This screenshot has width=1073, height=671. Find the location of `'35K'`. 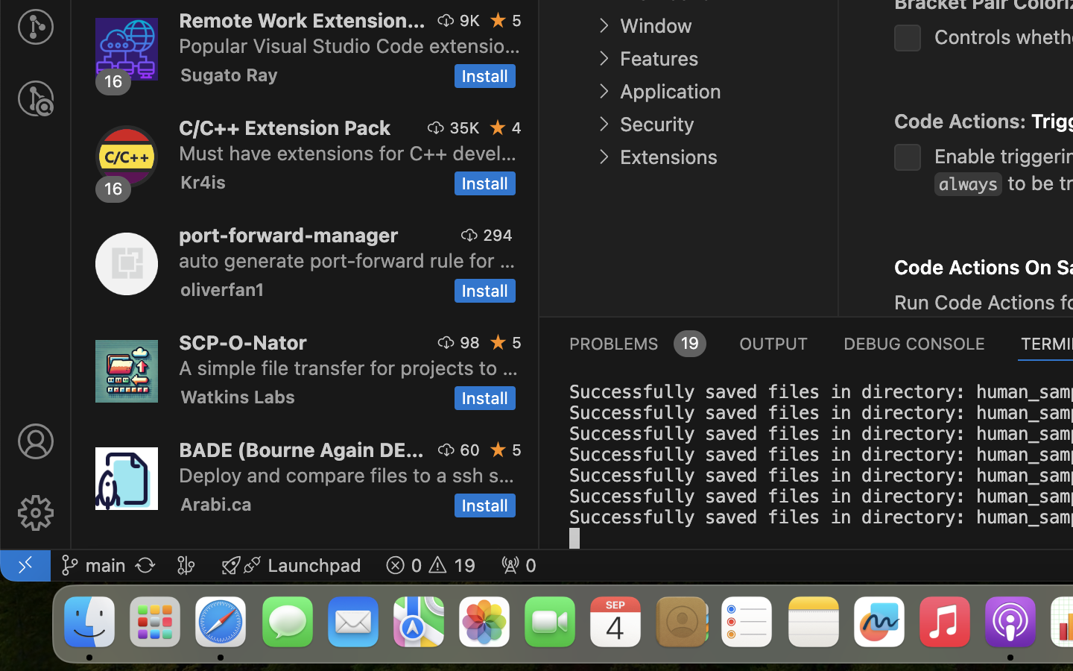

'35K' is located at coordinates (463, 127).